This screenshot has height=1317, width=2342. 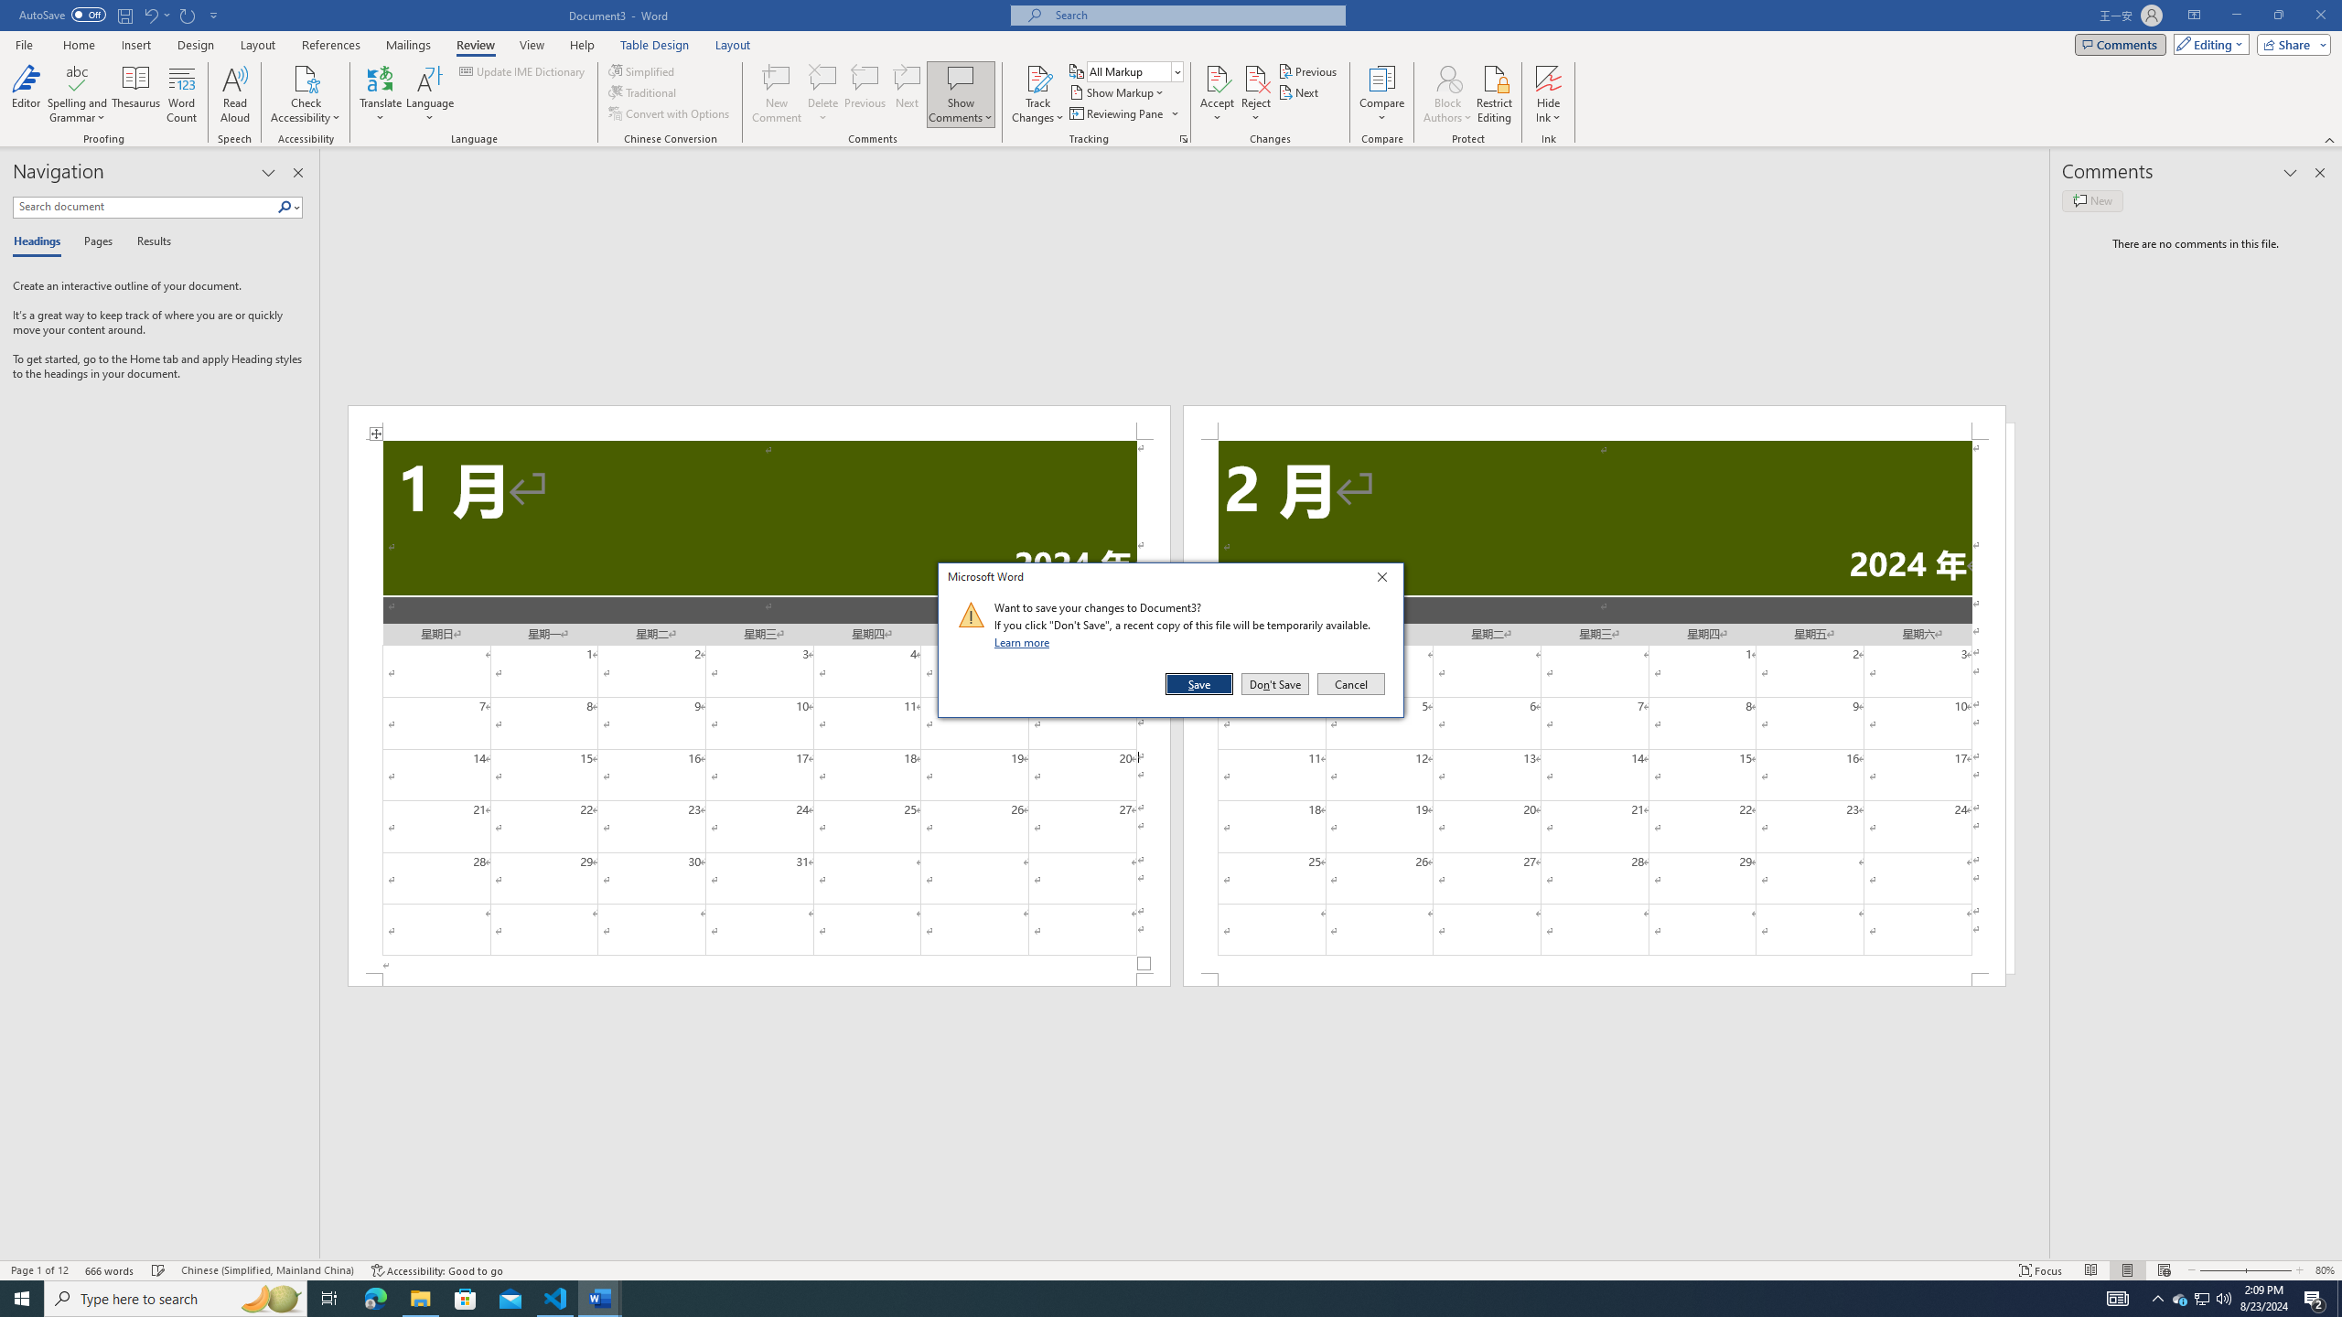 I want to click on 'Read Aloud', so click(x=234, y=94).